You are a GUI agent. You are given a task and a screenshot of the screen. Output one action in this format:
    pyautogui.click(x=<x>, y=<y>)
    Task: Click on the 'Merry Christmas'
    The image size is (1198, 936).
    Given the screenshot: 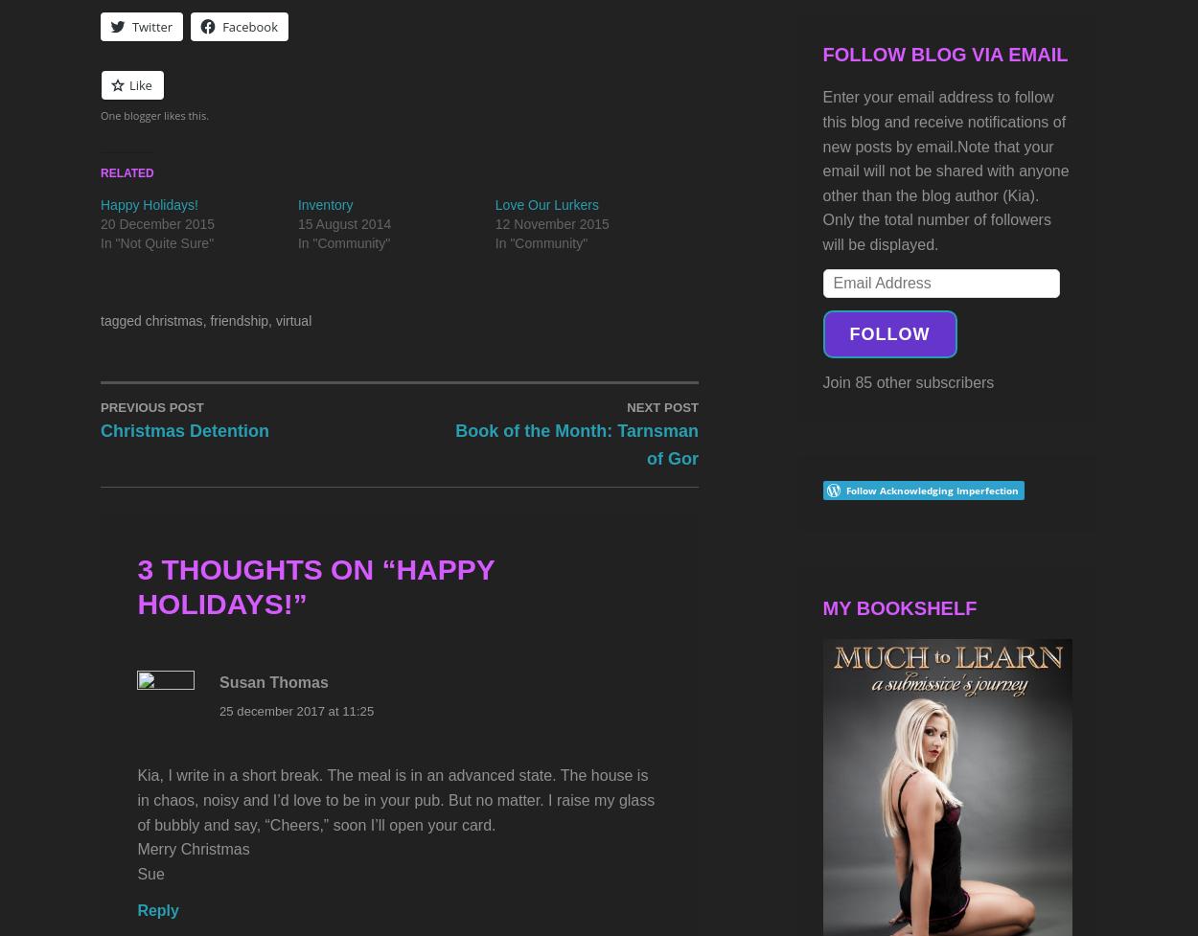 What is the action you would take?
    pyautogui.click(x=192, y=848)
    